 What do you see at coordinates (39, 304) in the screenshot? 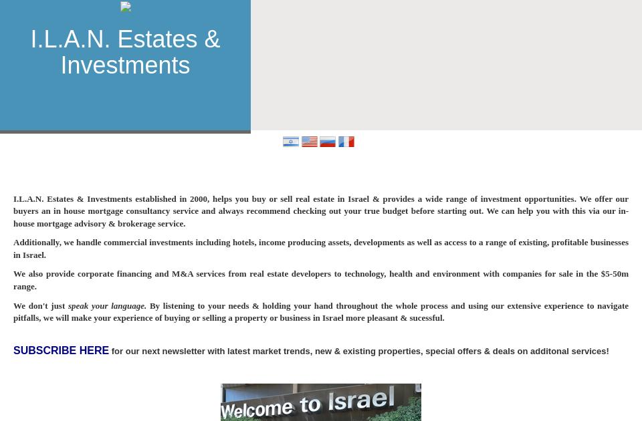
I see `'We don't just'` at bounding box center [39, 304].